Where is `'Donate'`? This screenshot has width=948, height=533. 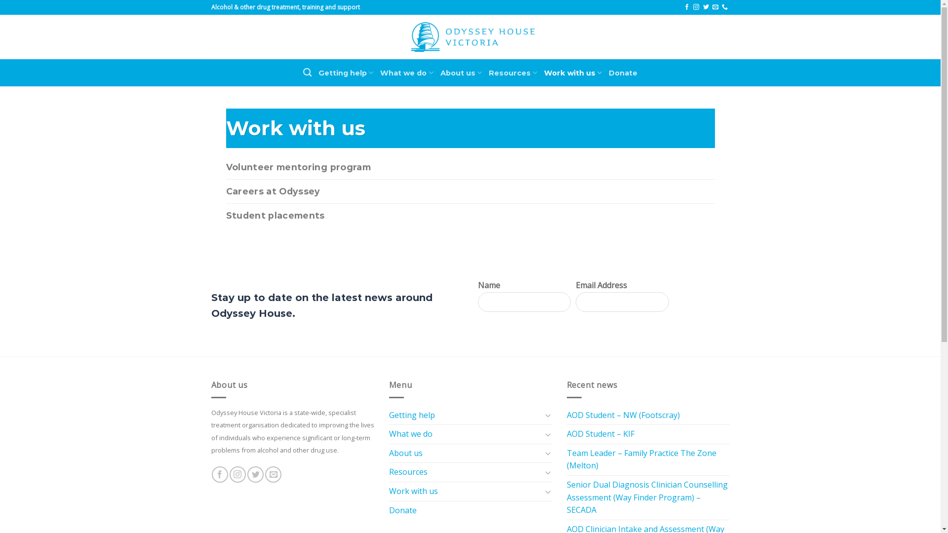 'Donate' is located at coordinates (403, 510).